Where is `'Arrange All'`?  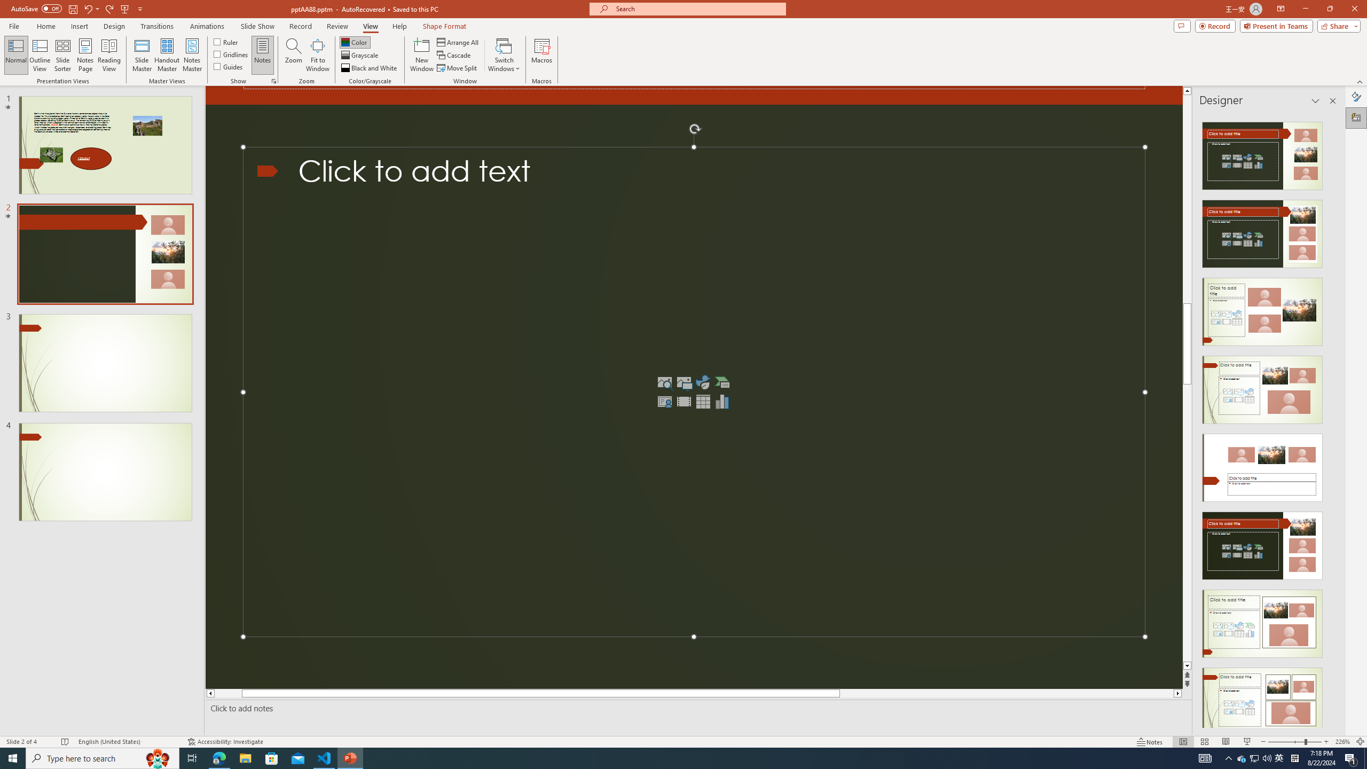
'Arrange All' is located at coordinates (458, 42).